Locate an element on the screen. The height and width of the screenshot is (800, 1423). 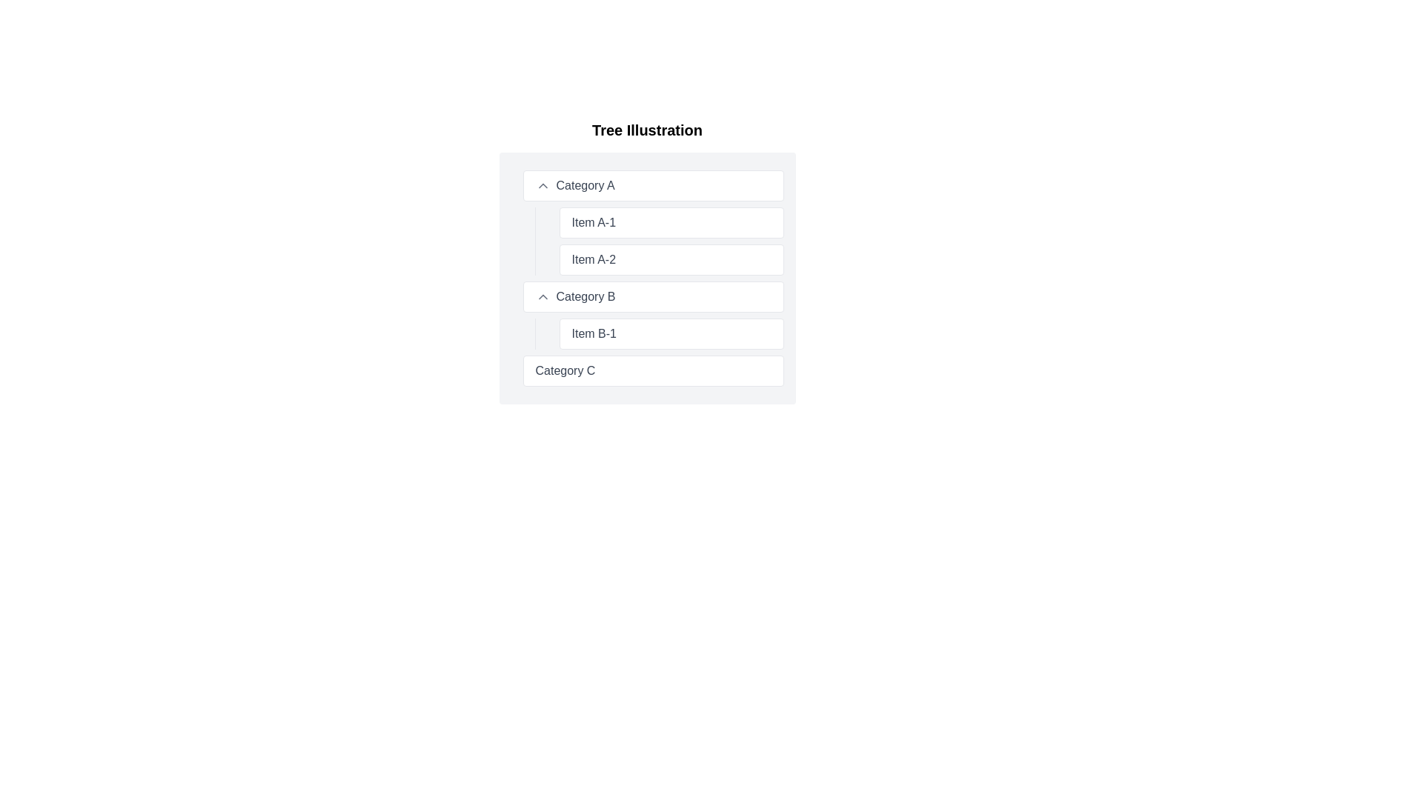
the 'Category B' button, which has a white background, light border, and rounded corners is located at coordinates (652, 297).